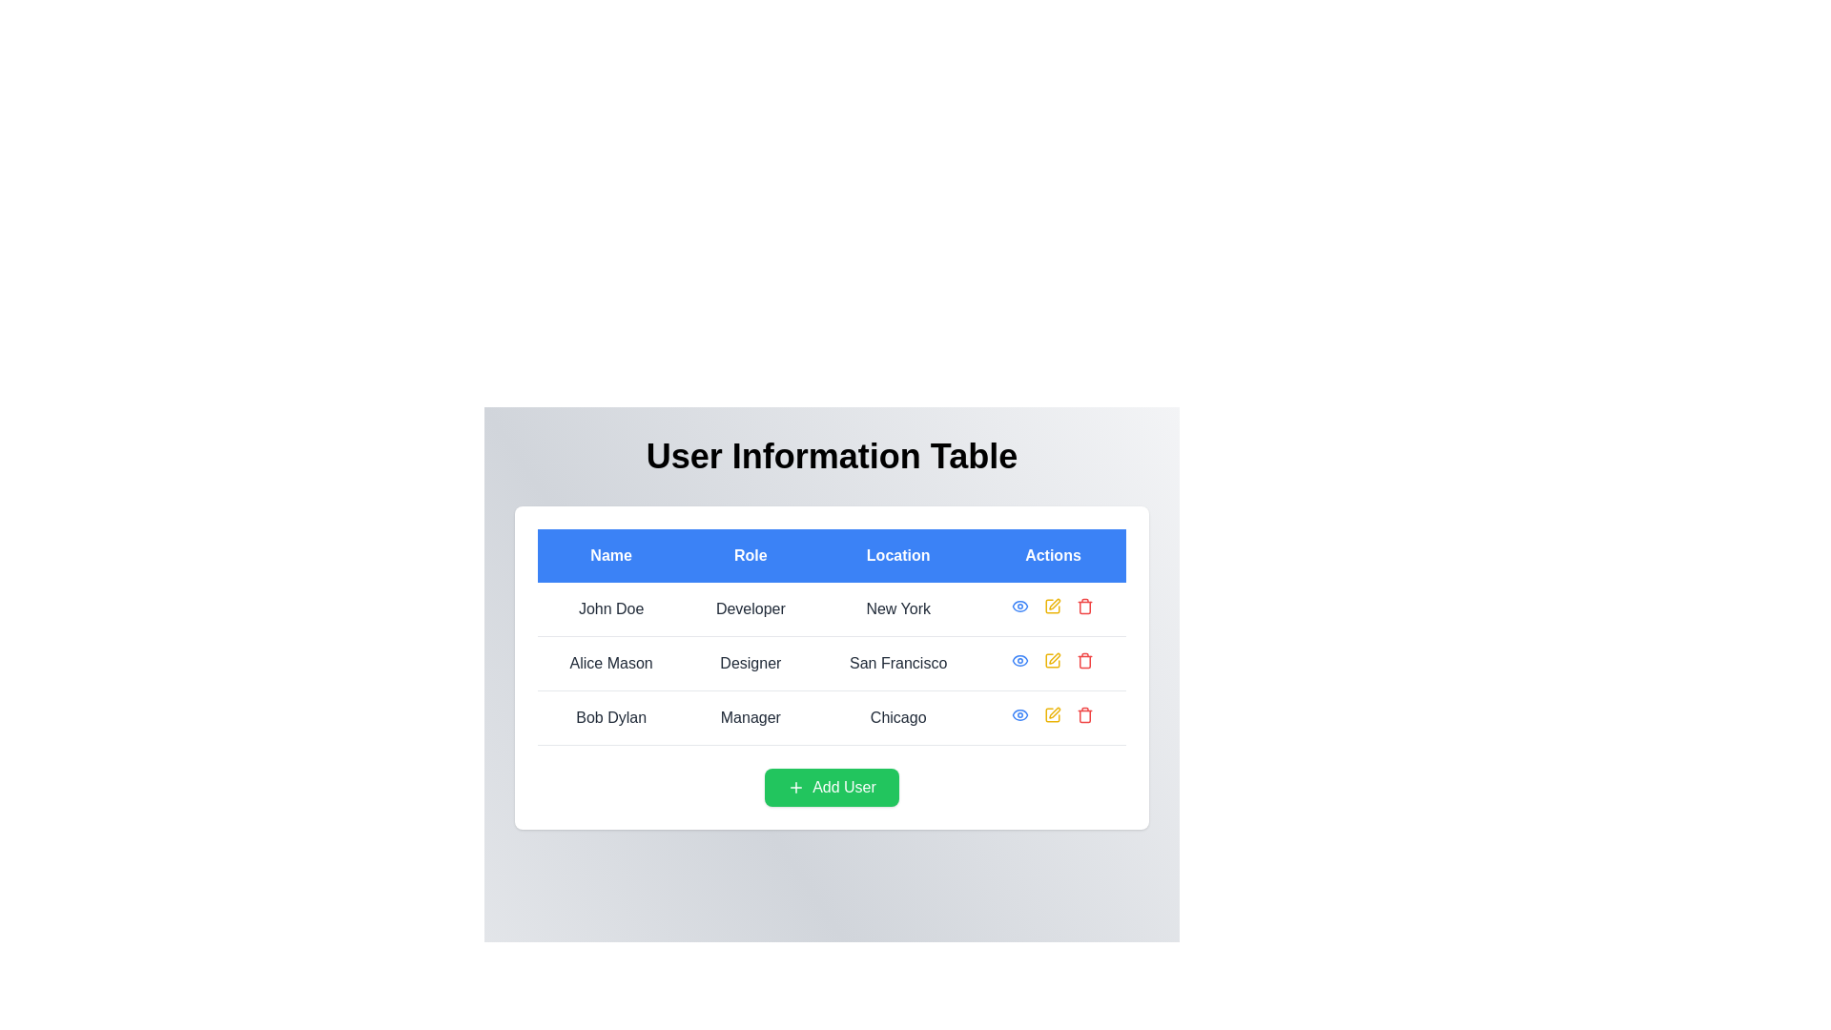  Describe the element at coordinates (1085, 714) in the screenshot. I see `the delete icon button located in the third row of the 'Actions' column in the table` at that location.